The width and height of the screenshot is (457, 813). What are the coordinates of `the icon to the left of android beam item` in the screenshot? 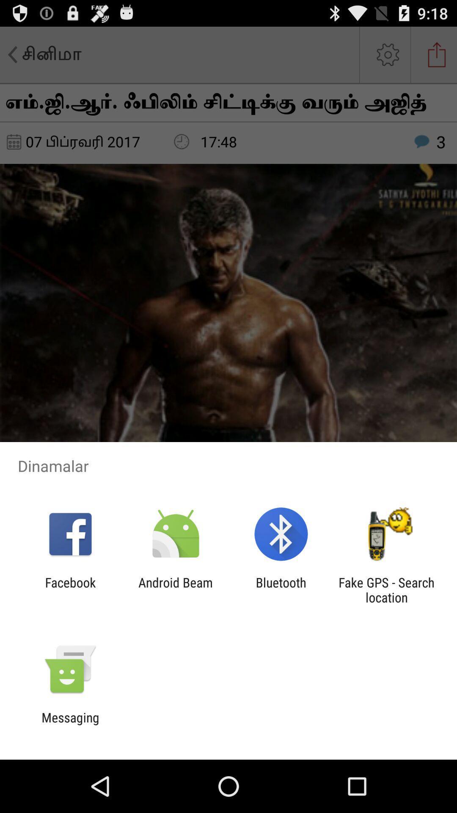 It's located at (70, 589).